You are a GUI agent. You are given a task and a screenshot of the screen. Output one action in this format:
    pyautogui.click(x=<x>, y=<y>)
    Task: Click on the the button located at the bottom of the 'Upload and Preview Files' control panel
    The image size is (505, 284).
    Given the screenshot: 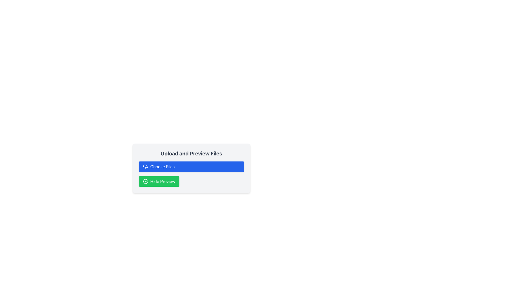 What is the action you would take?
    pyautogui.click(x=159, y=181)
    